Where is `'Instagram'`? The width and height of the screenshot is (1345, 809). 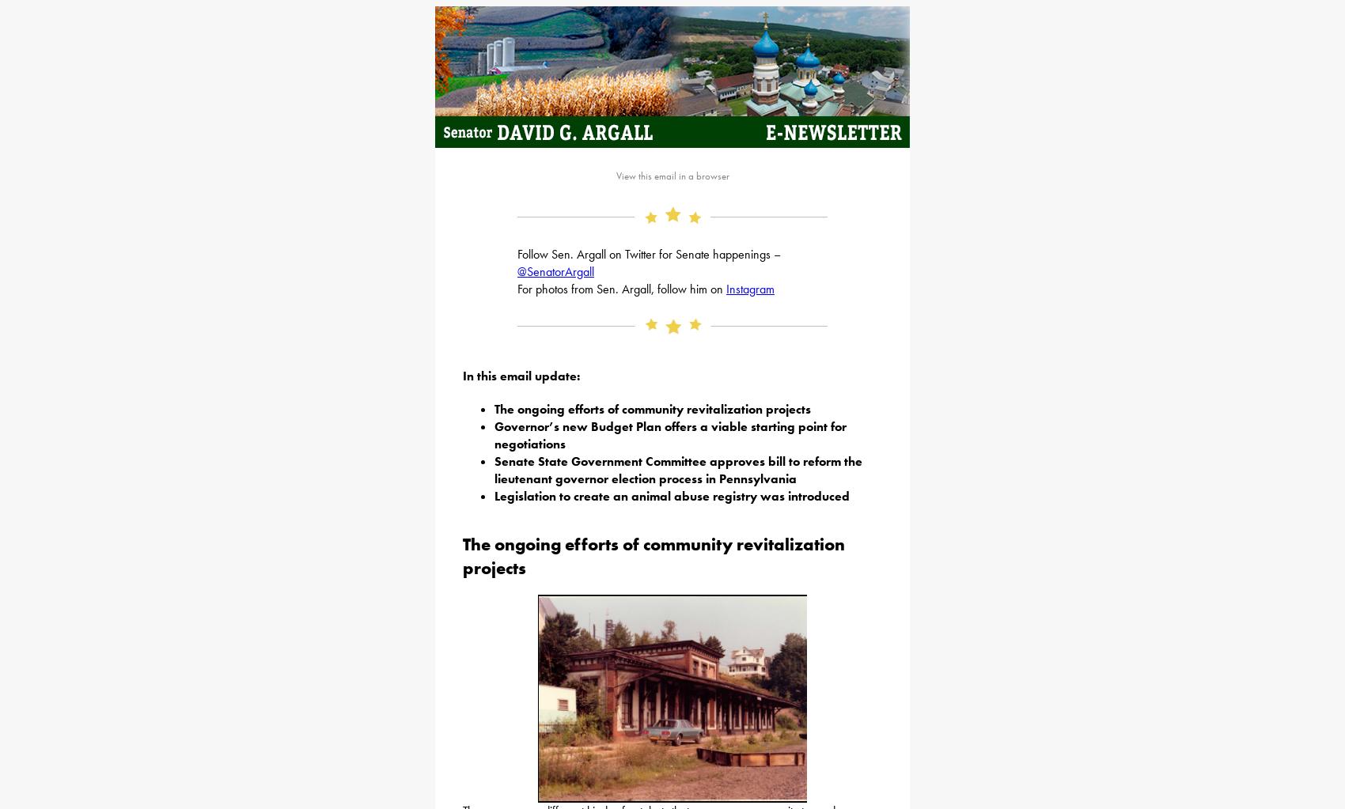 'Instagram' is located at coordinates (750, 288).